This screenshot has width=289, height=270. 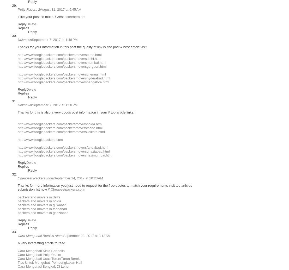 What do you see at coordinates (41, 251) in the screenshot?
I see `'Cara Mengobati Kista Bartholin'` at bounding box center [41, 251].